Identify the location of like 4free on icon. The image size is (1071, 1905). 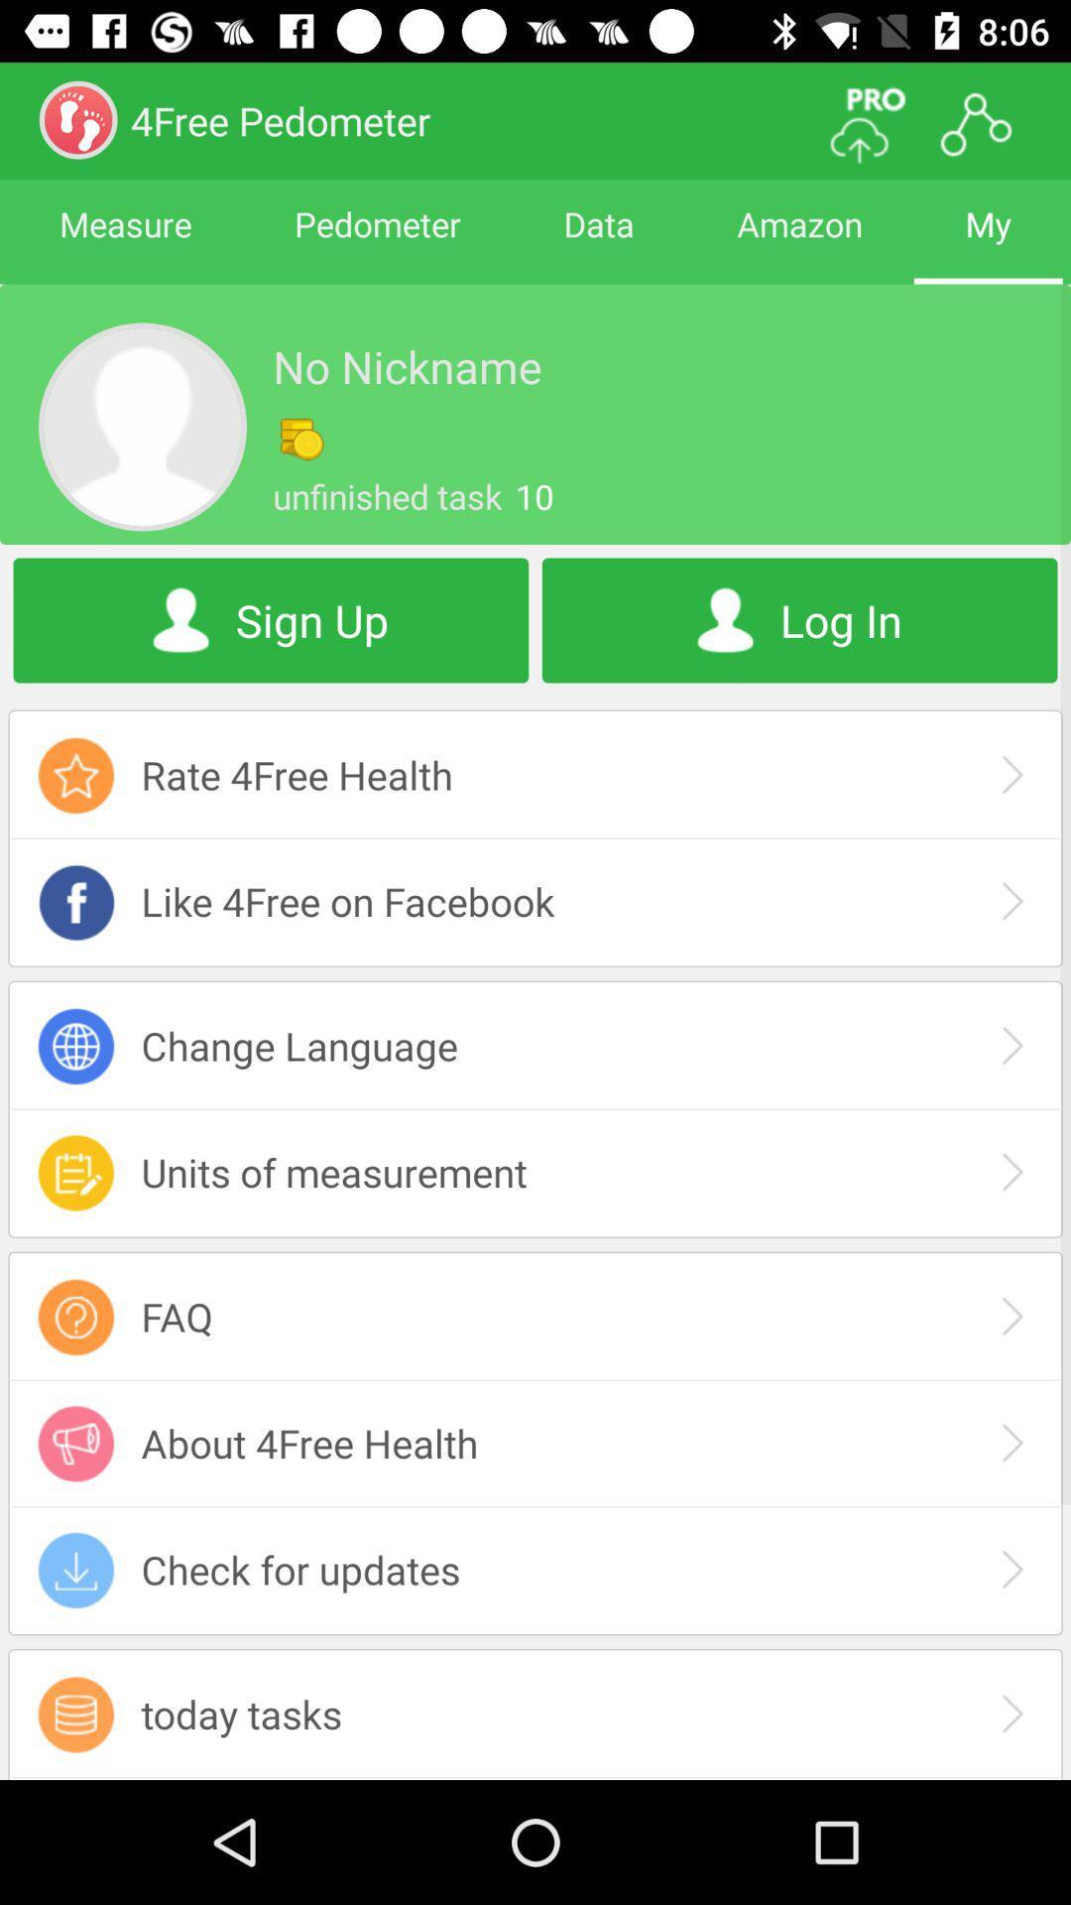
(535, 900).